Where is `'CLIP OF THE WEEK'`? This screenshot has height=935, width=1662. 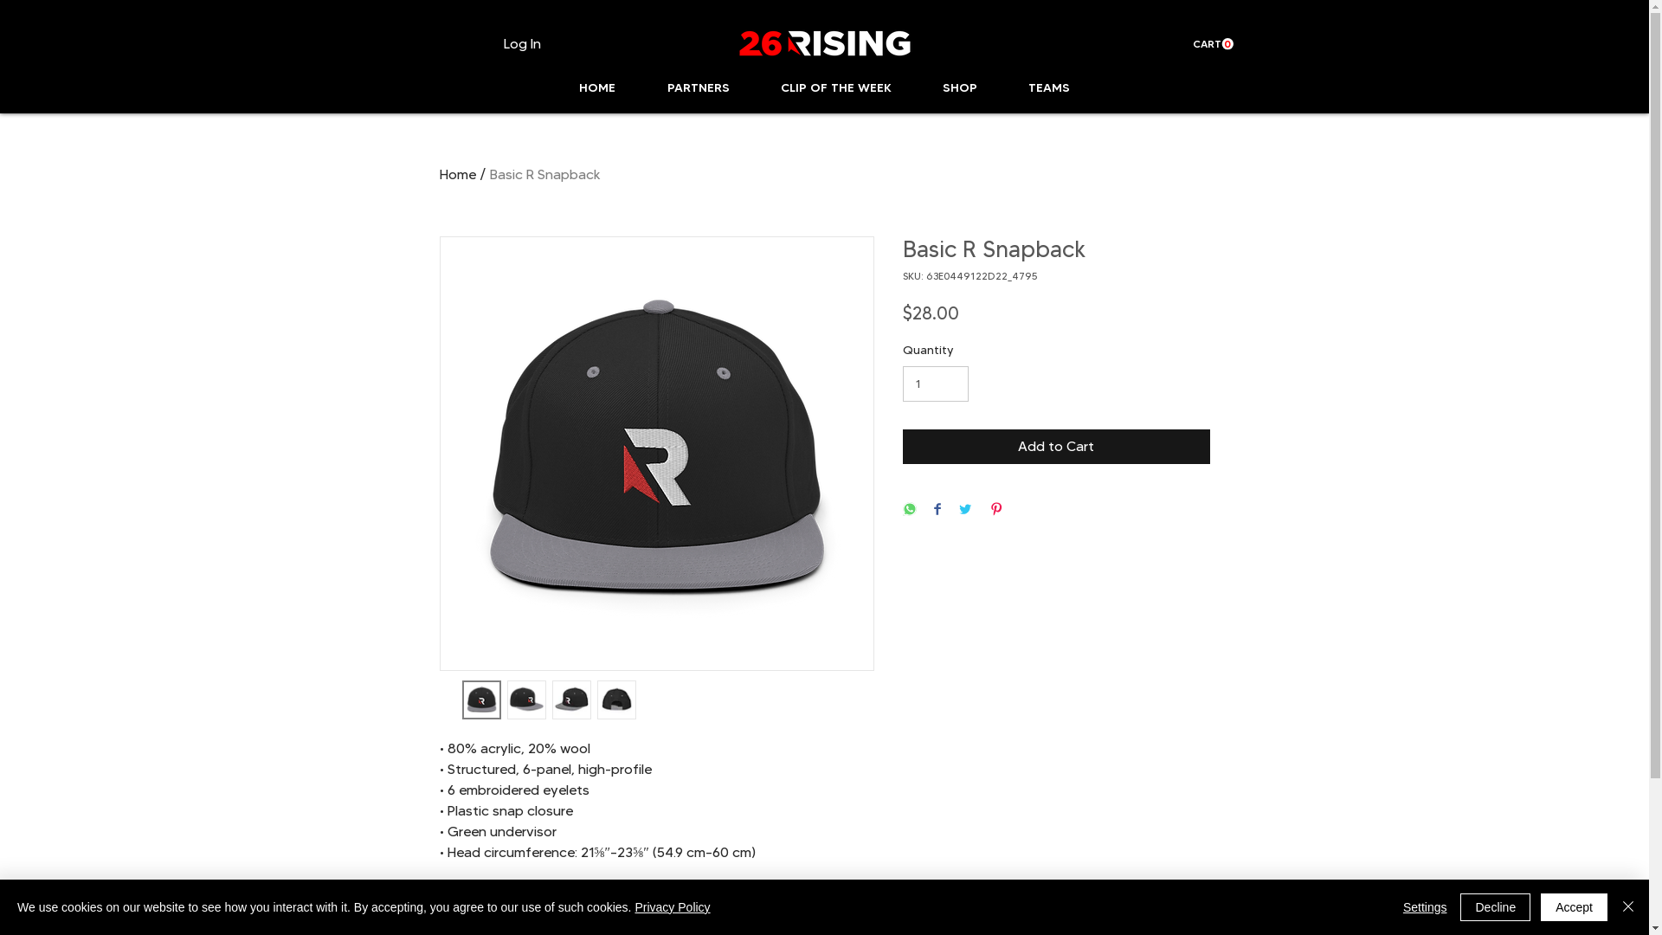
'CLIP OF THE WEEK' is located at coordinates (835, 87).